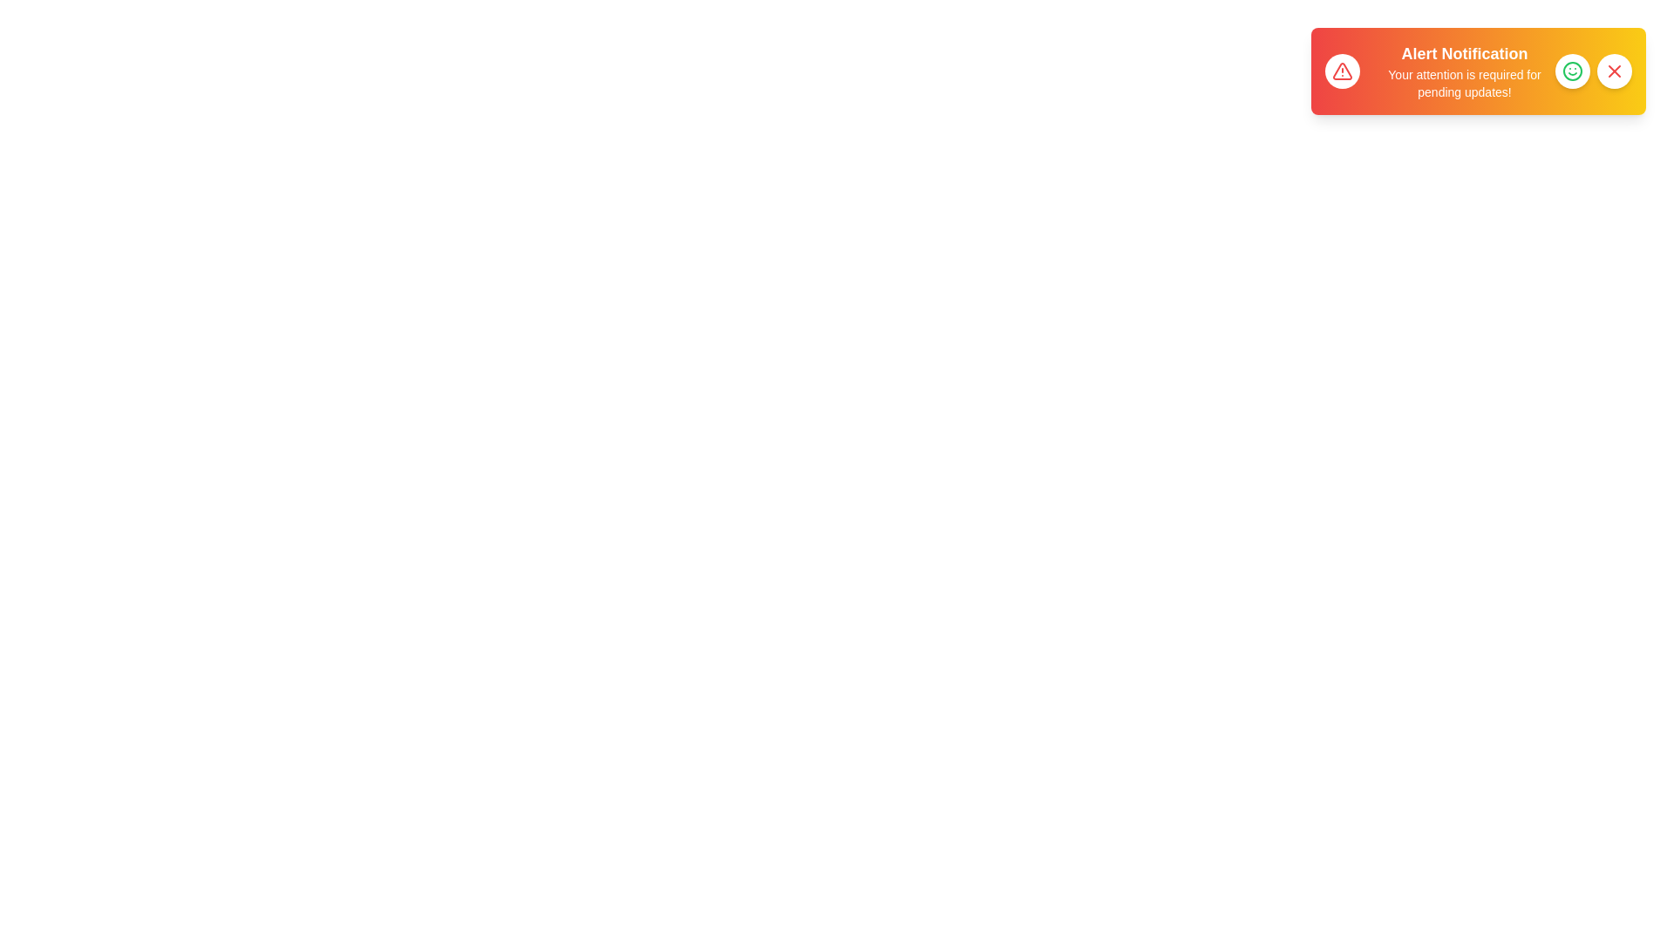  What do you see at coordinates (1614, 70) in the screenshot?
I see `close button to dismiss the notification` at bounding box center [1614, 70].